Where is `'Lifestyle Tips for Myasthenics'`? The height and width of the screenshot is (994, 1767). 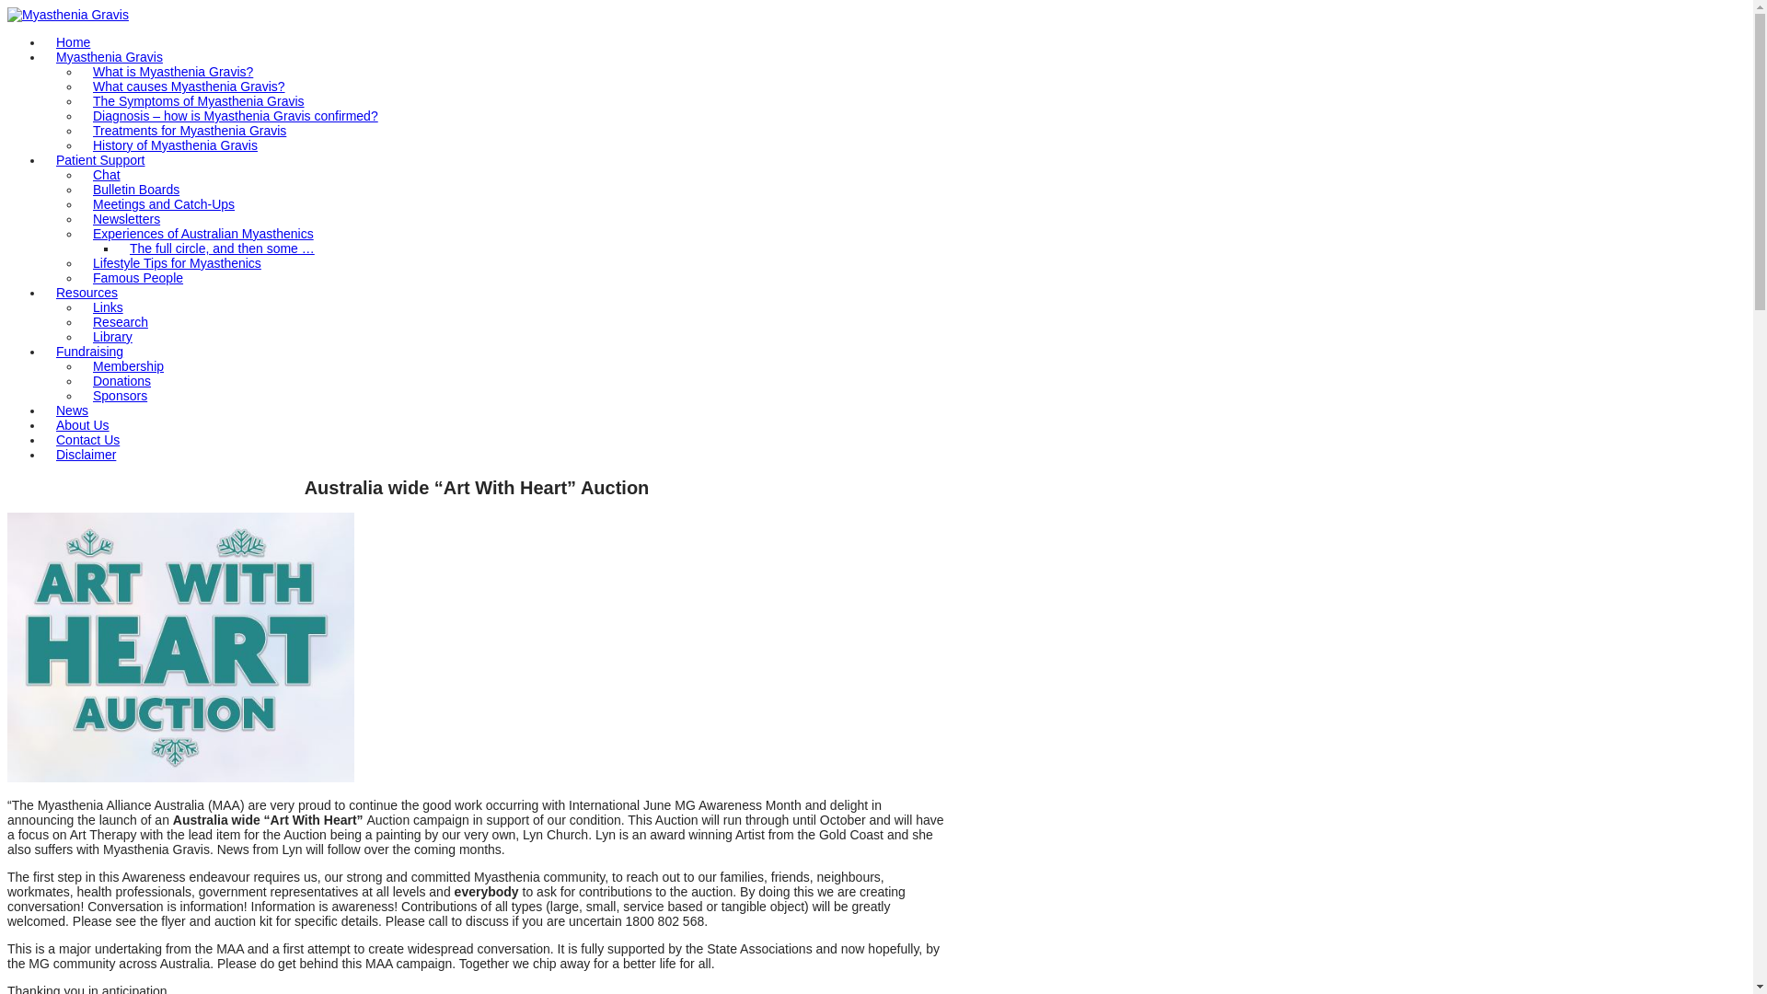
'Lifestyle Tips for Myasthenics' is located at coordinates (79, 262).